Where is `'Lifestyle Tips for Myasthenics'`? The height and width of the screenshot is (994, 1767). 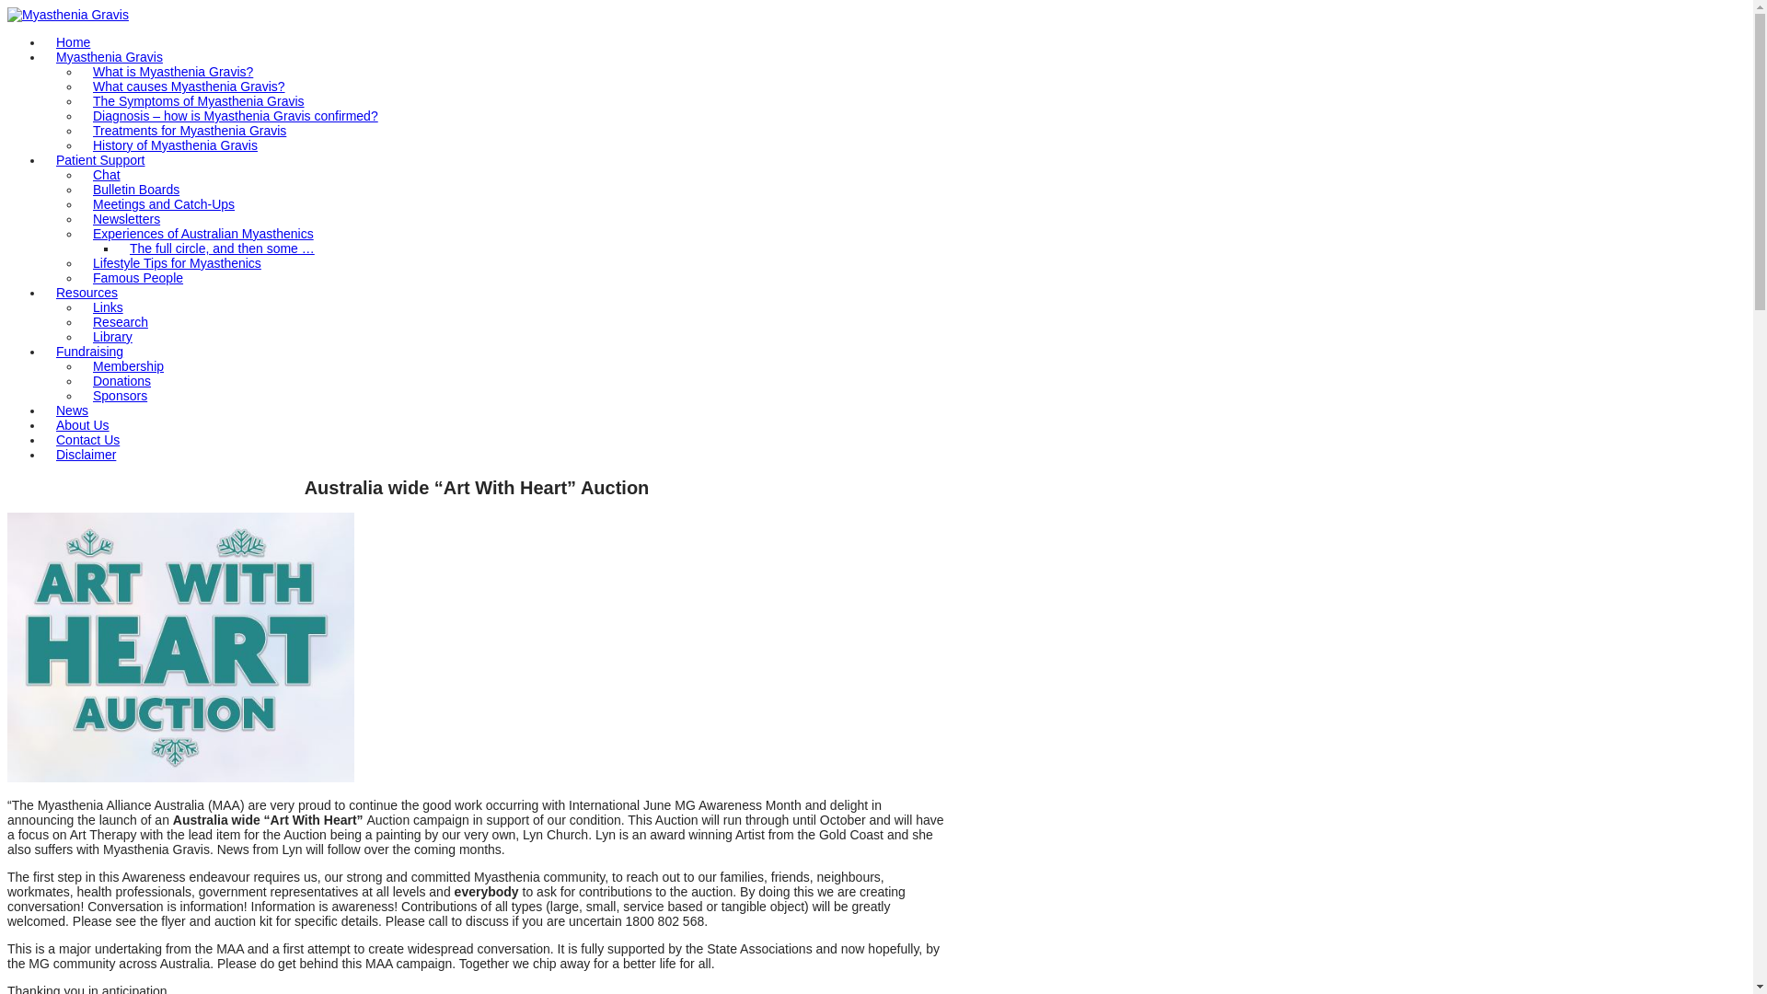
'Lifestyle Tips for Myasthenics' is located at coordinates (79, 262).